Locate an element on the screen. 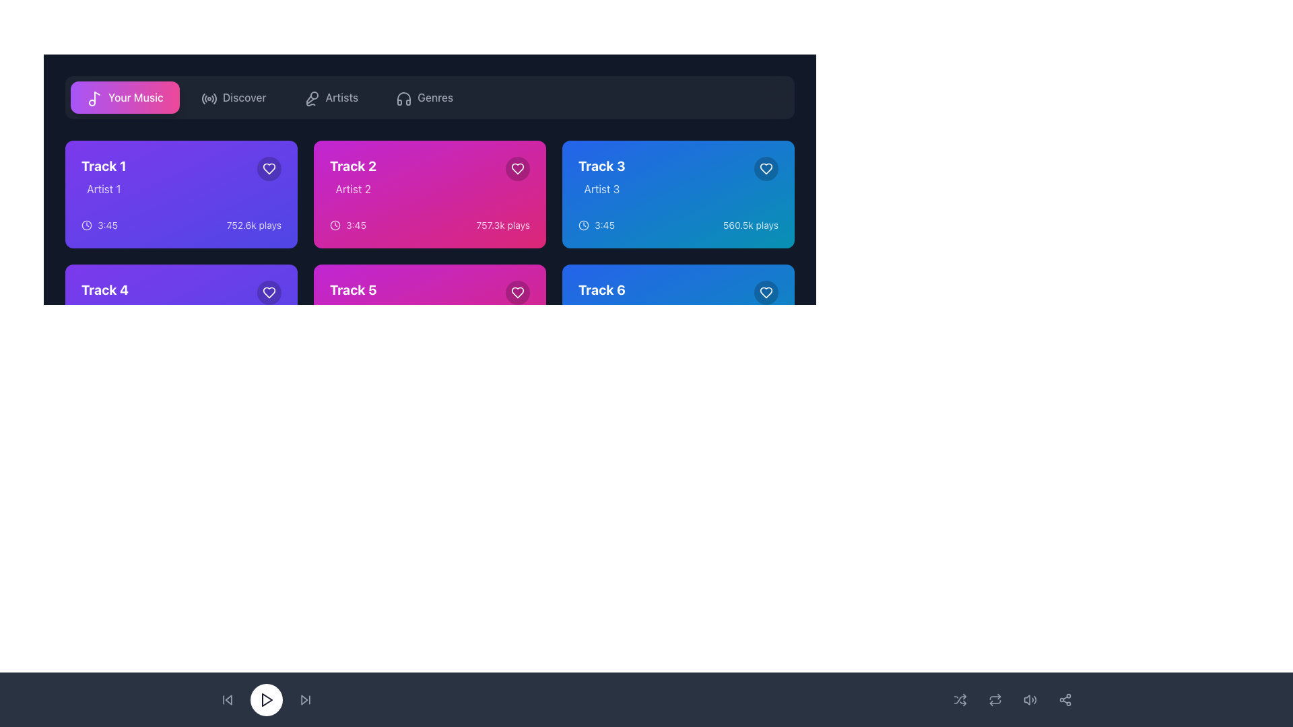  the speaker body icon is located at coordinates (1026, 699).